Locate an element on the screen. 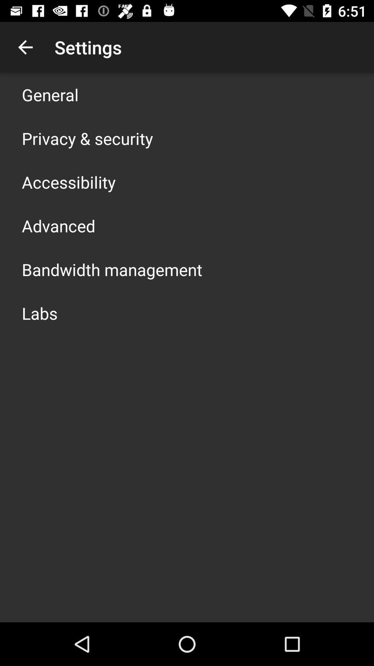  app above the bandwidth management app is located at coordinates (58, 226).